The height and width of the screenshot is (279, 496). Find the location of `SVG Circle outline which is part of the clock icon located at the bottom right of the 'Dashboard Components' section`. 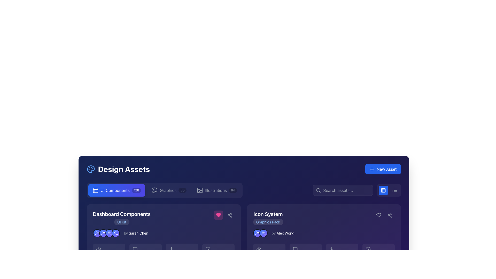

SVG Circle outline which is part of the clock icon located at the bottom right of the 'Dashboard Components' section is located at coordinates (208, 249).